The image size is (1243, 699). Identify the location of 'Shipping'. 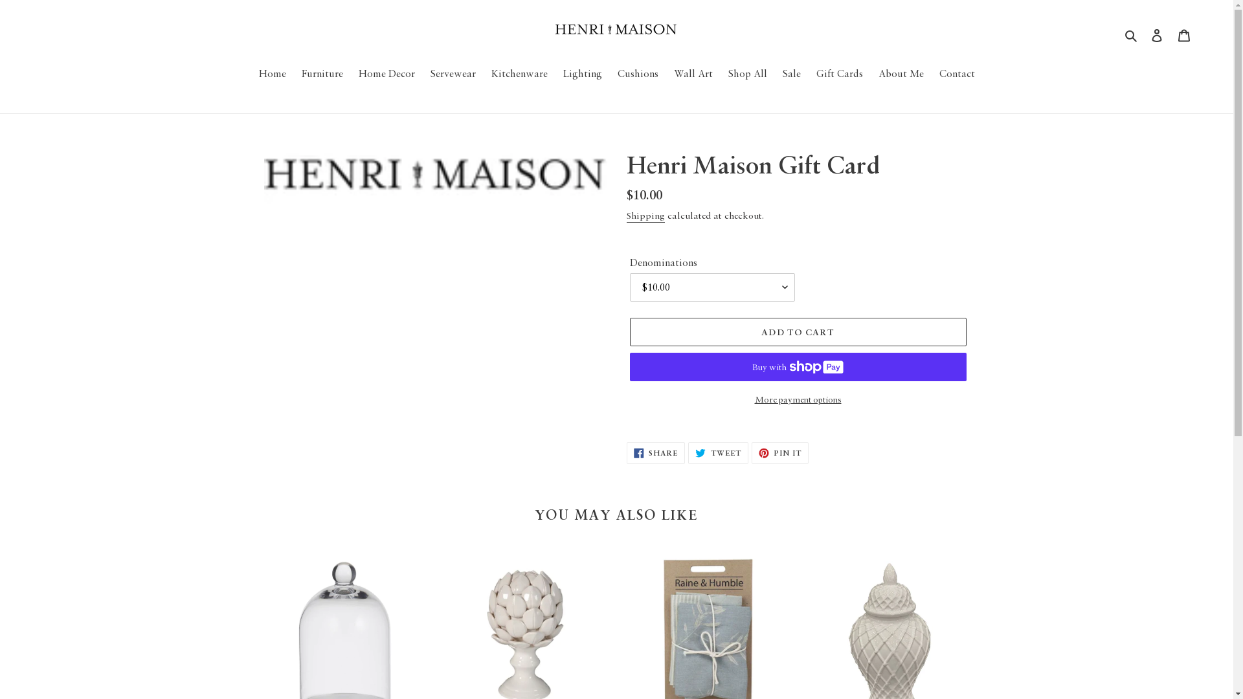
(645, 215).